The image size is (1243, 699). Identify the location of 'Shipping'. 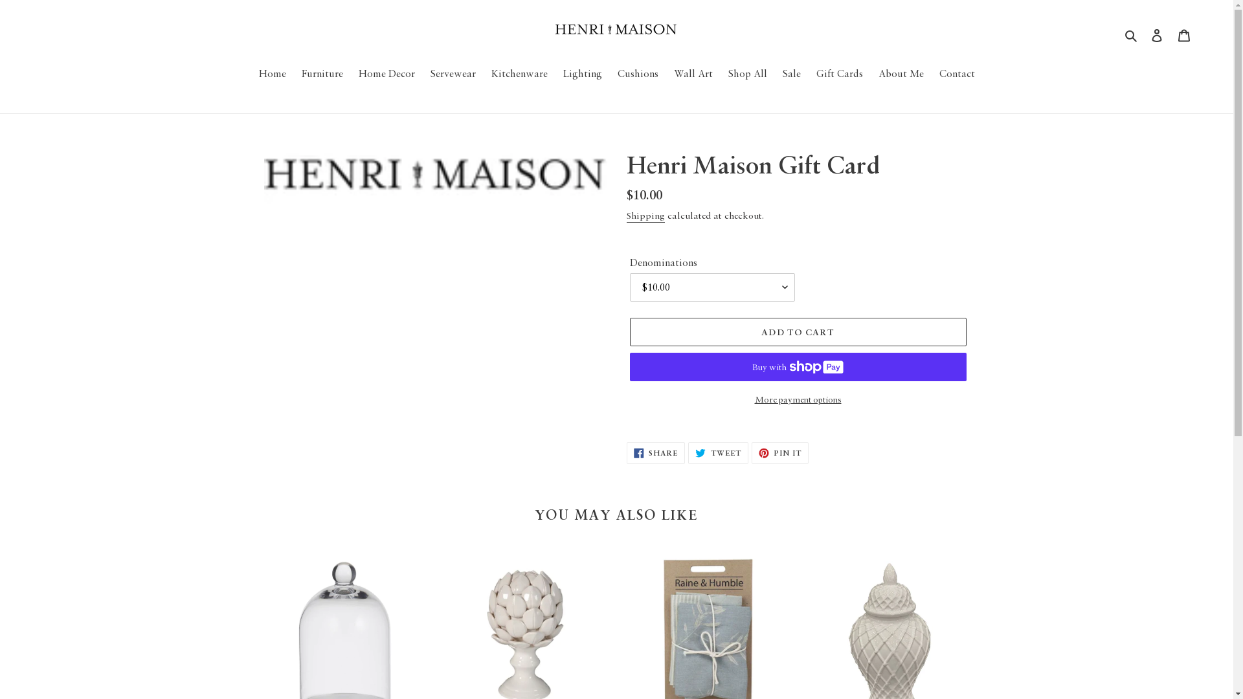
(645, 215).